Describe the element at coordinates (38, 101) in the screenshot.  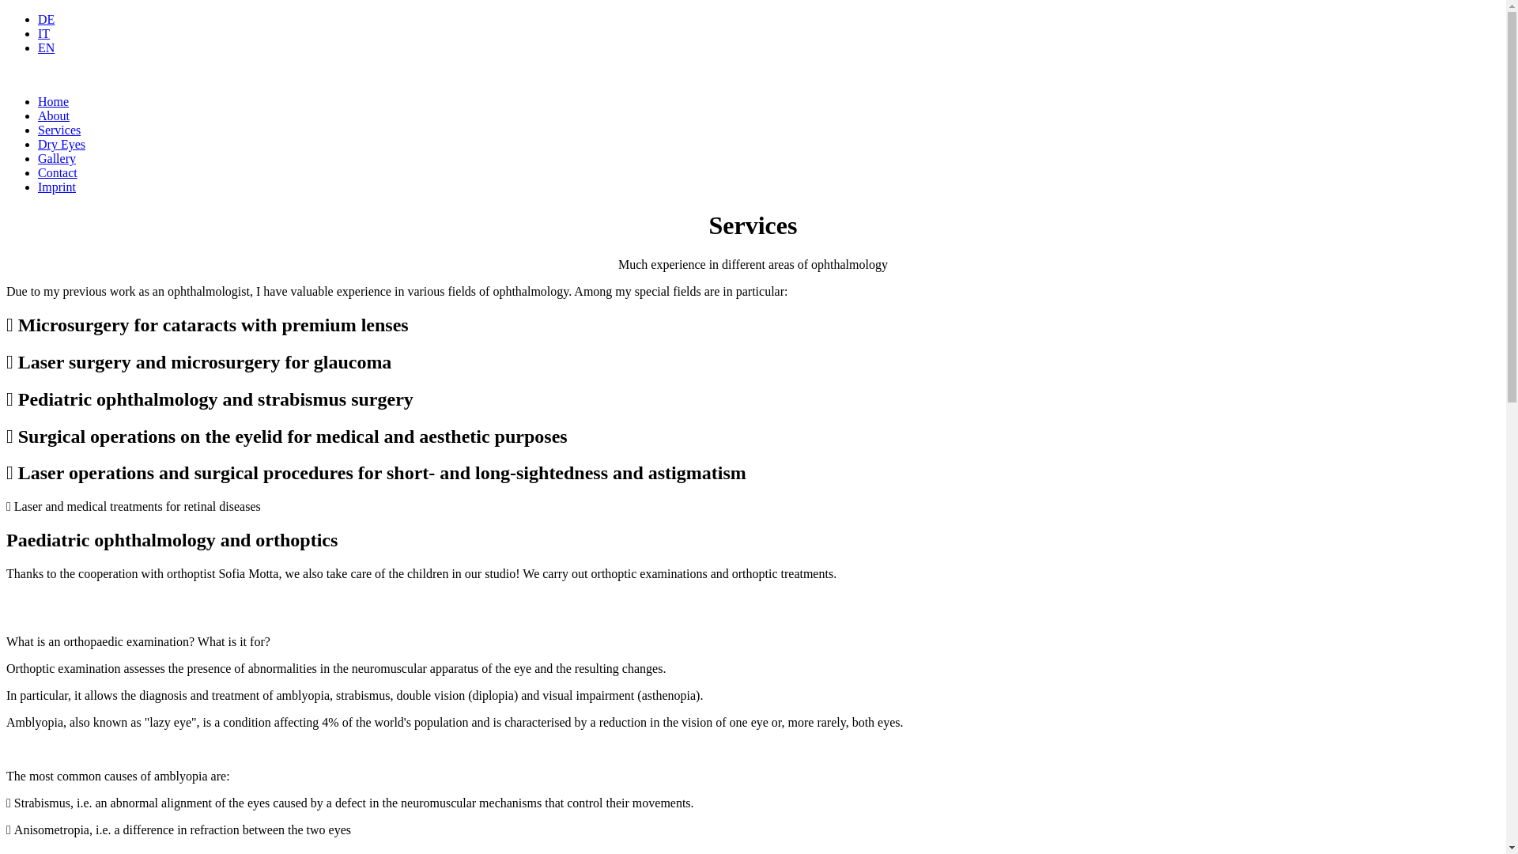
I see `'Home'` at that location.